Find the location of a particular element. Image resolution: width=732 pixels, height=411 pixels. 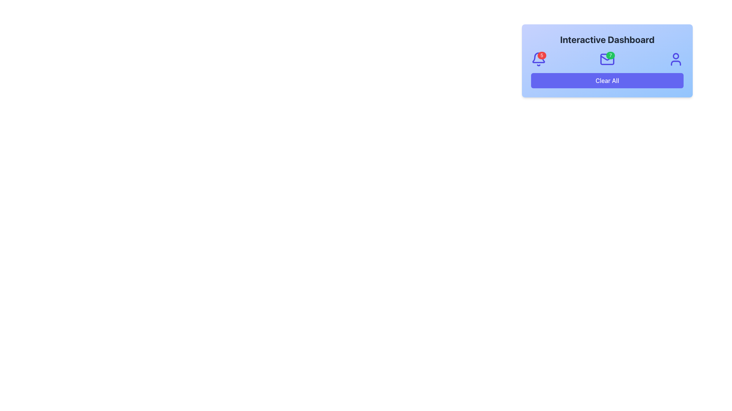

the user profile icon located in the top-right section of the 'Interactive Dashboard' card is located at coordinates (676, 59).